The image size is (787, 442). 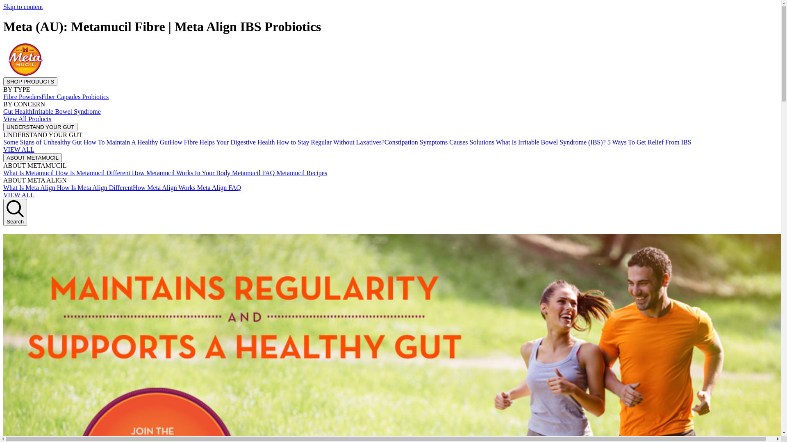 What do you see at coordinates (29, 187) in the screenshot?
I see `'What Is Meta Align'` at bounding box center [29, 187].